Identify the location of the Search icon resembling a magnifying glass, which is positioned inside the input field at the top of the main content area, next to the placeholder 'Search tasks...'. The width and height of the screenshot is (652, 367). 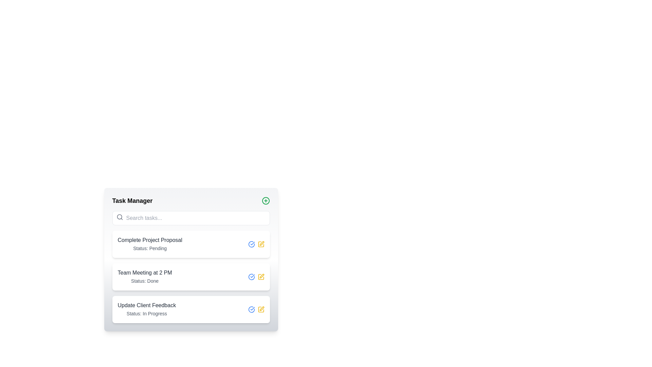
(120, 217).